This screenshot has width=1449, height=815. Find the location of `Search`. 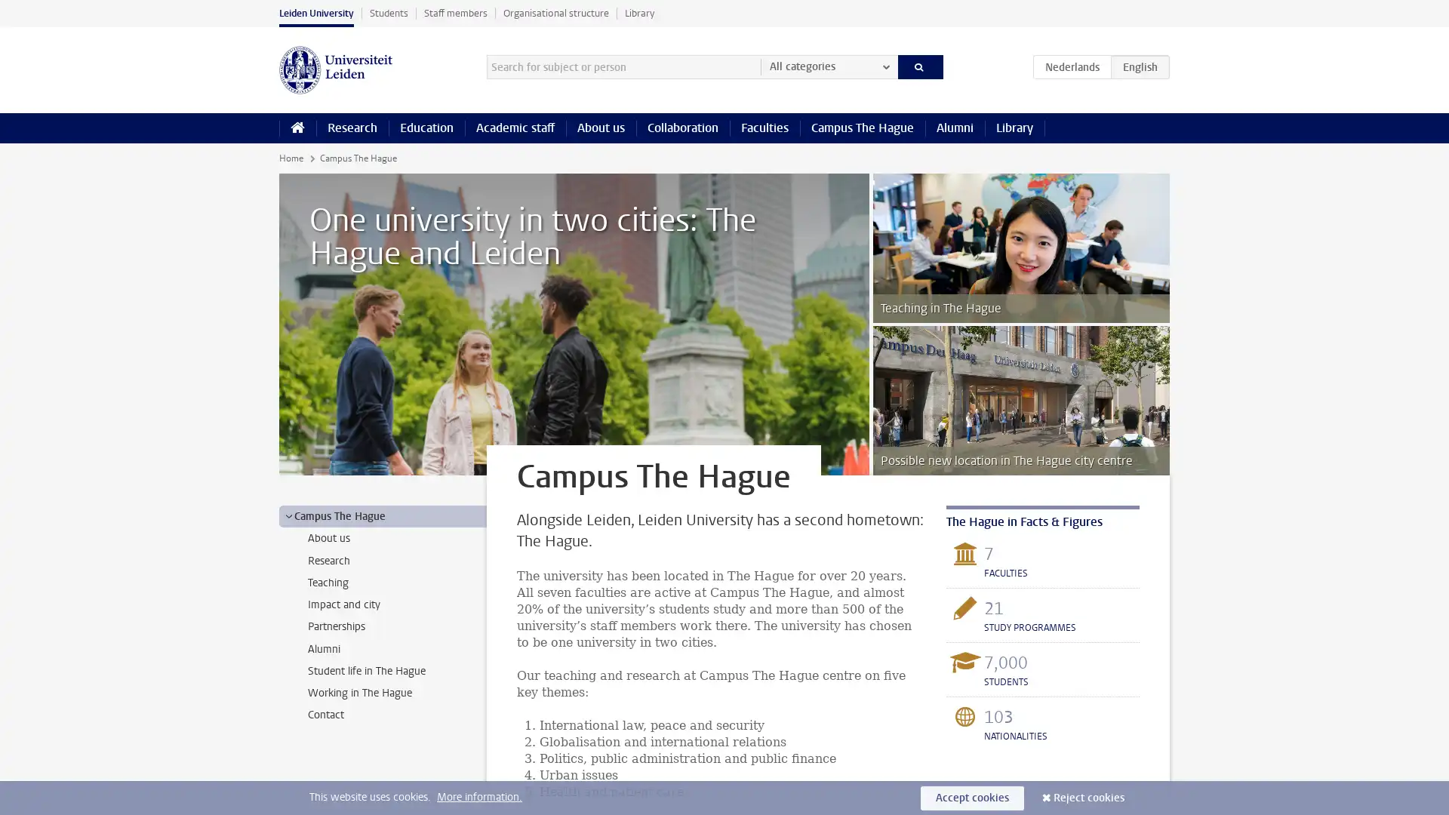

Search is located at coordinates (919, 66).